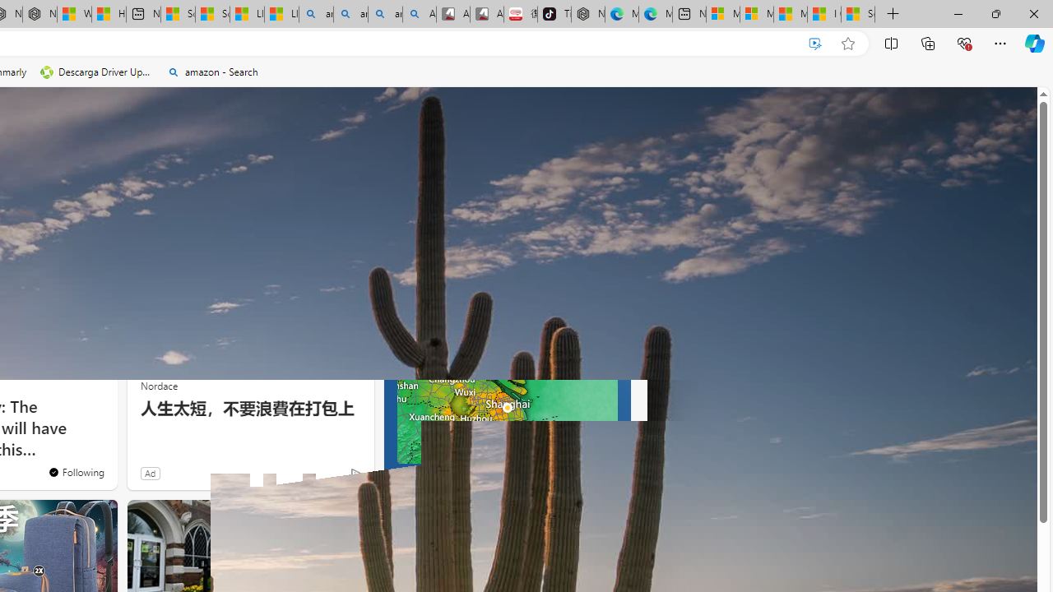 Image resolution: width=1053 pixels, height=592 pixels. Describe the element at coordinates (1032, 13) in the screenshot. I see `'Close'` at that location.